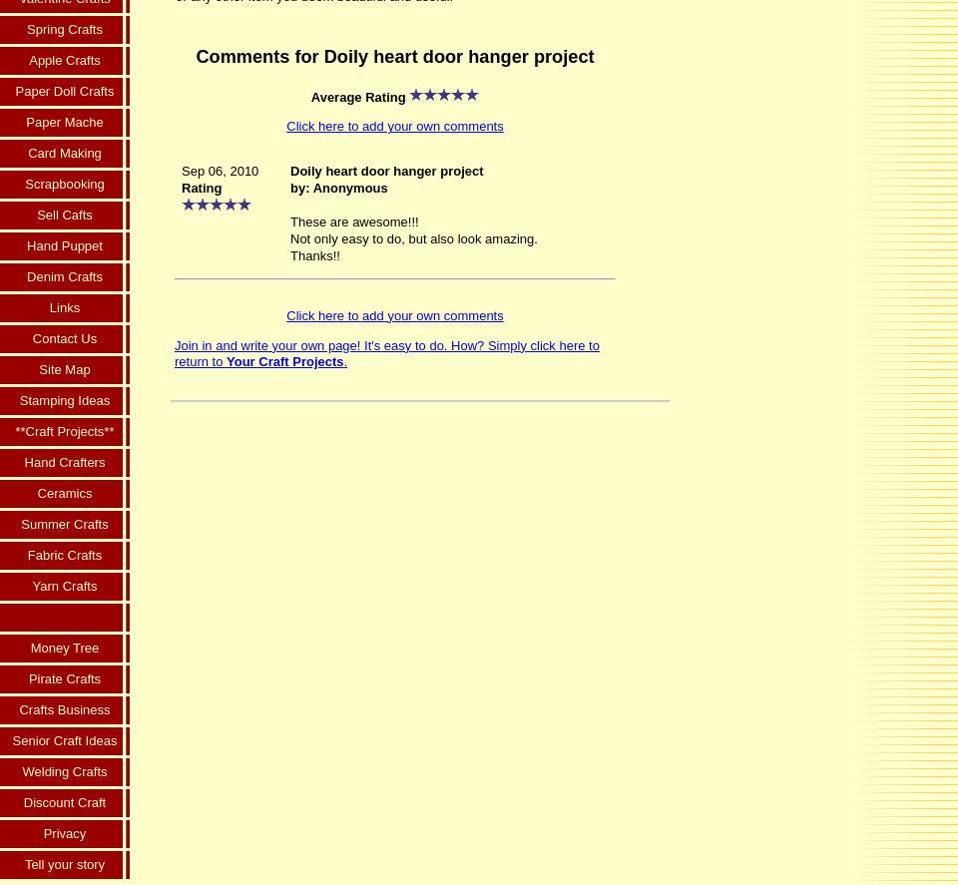 This screenshot has width=958, height=885. What do you see at coordinates (359, 95) in the screenshot?
I see `'Average Rating'` at bounding box center [359, 95].